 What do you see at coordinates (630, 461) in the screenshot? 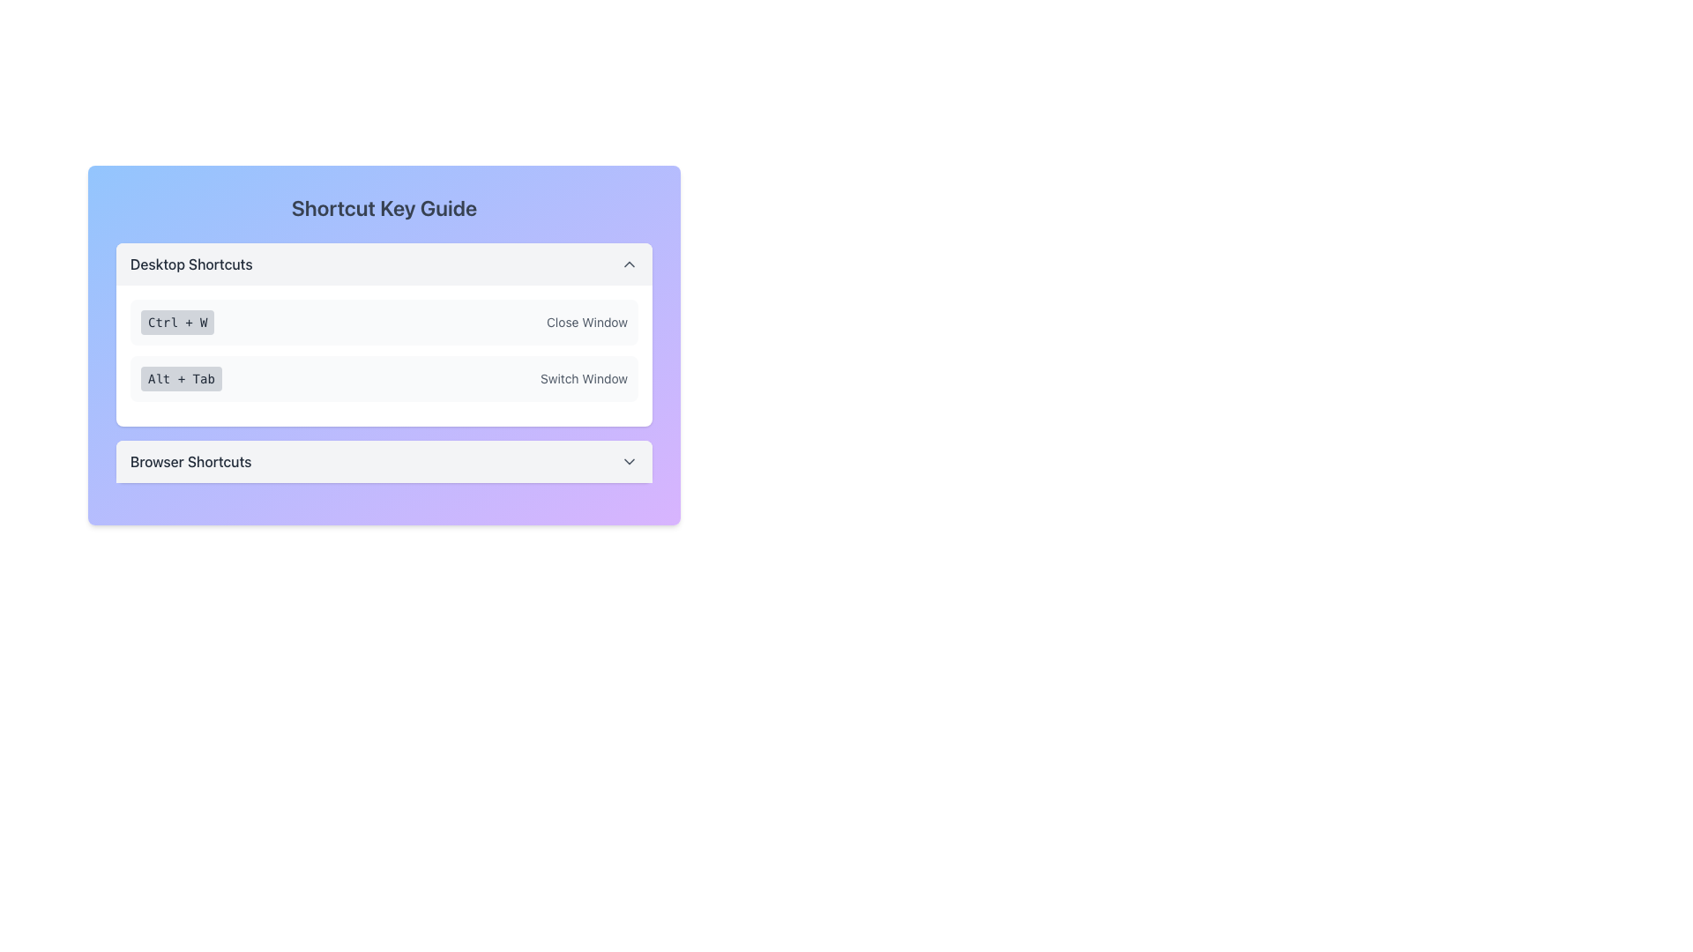
I see `the chevron-down icon located at the right side of the 'Browser Shortcuts' header, which appears in a gray tone indicating its inactive state` at bounding box center [630, 461].